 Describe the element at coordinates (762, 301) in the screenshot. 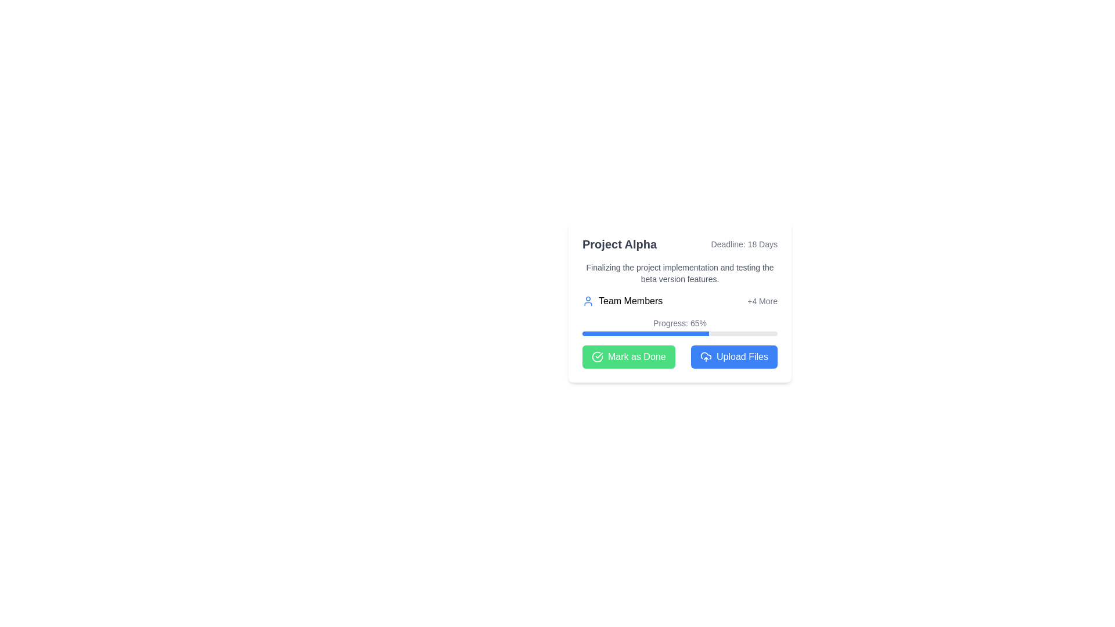

I see `the text label reading '+4 More', which is styled in gray and positioned to the right of the 'Team Members' label` at that location.